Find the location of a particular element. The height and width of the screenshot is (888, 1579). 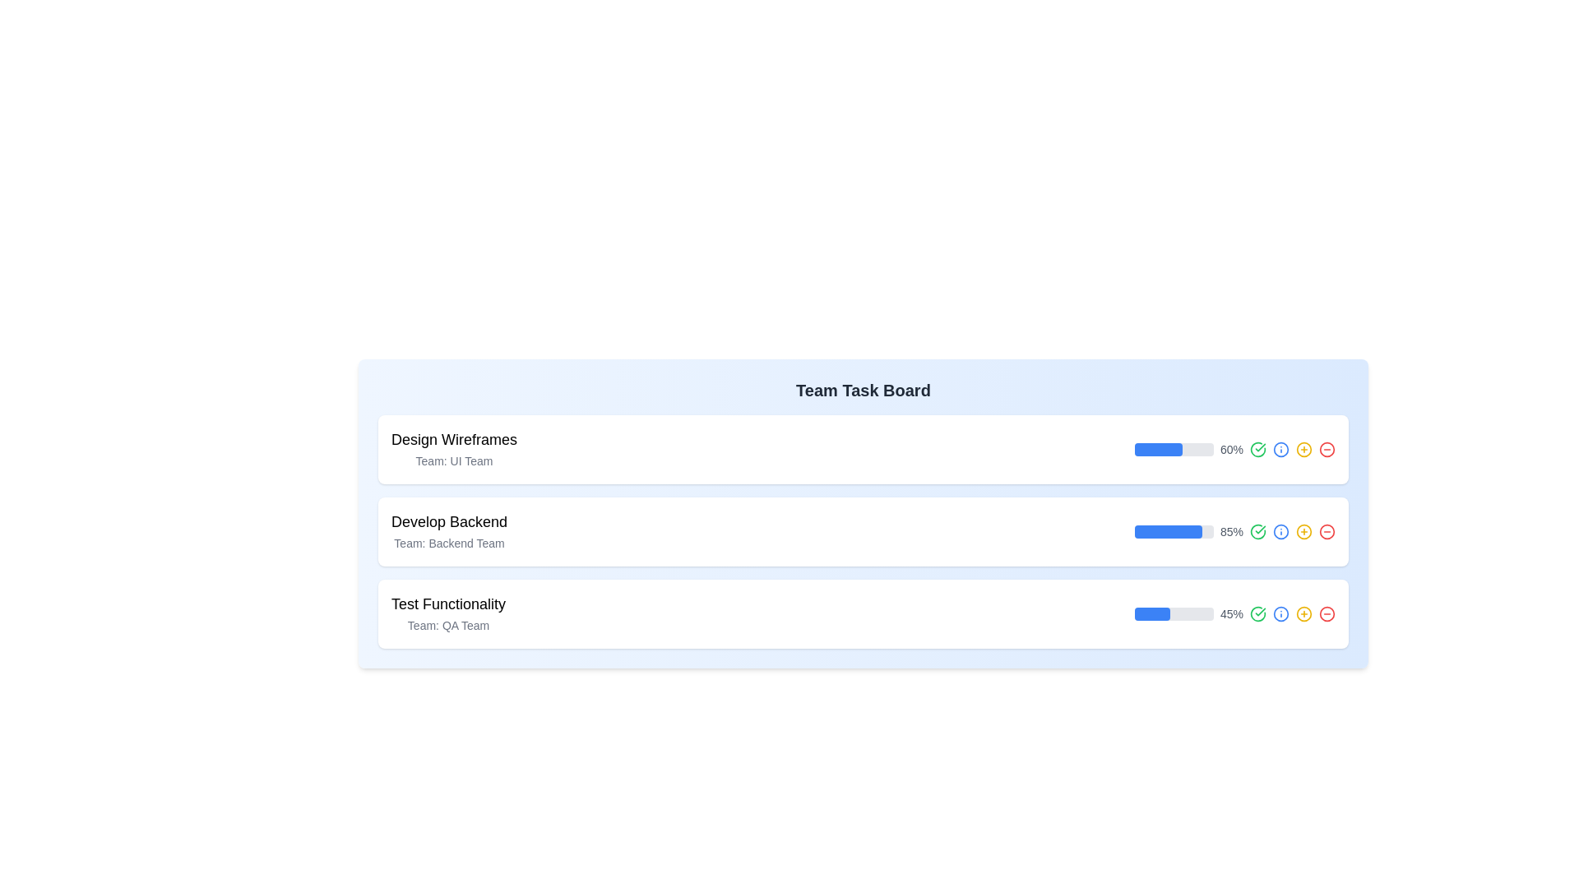

the text block displaying the title 'Design Wireframes' and the team 'UI Team', which is the topmost task item in the vertical list under 'Team Task Board' is located at coordinates (454, 450).